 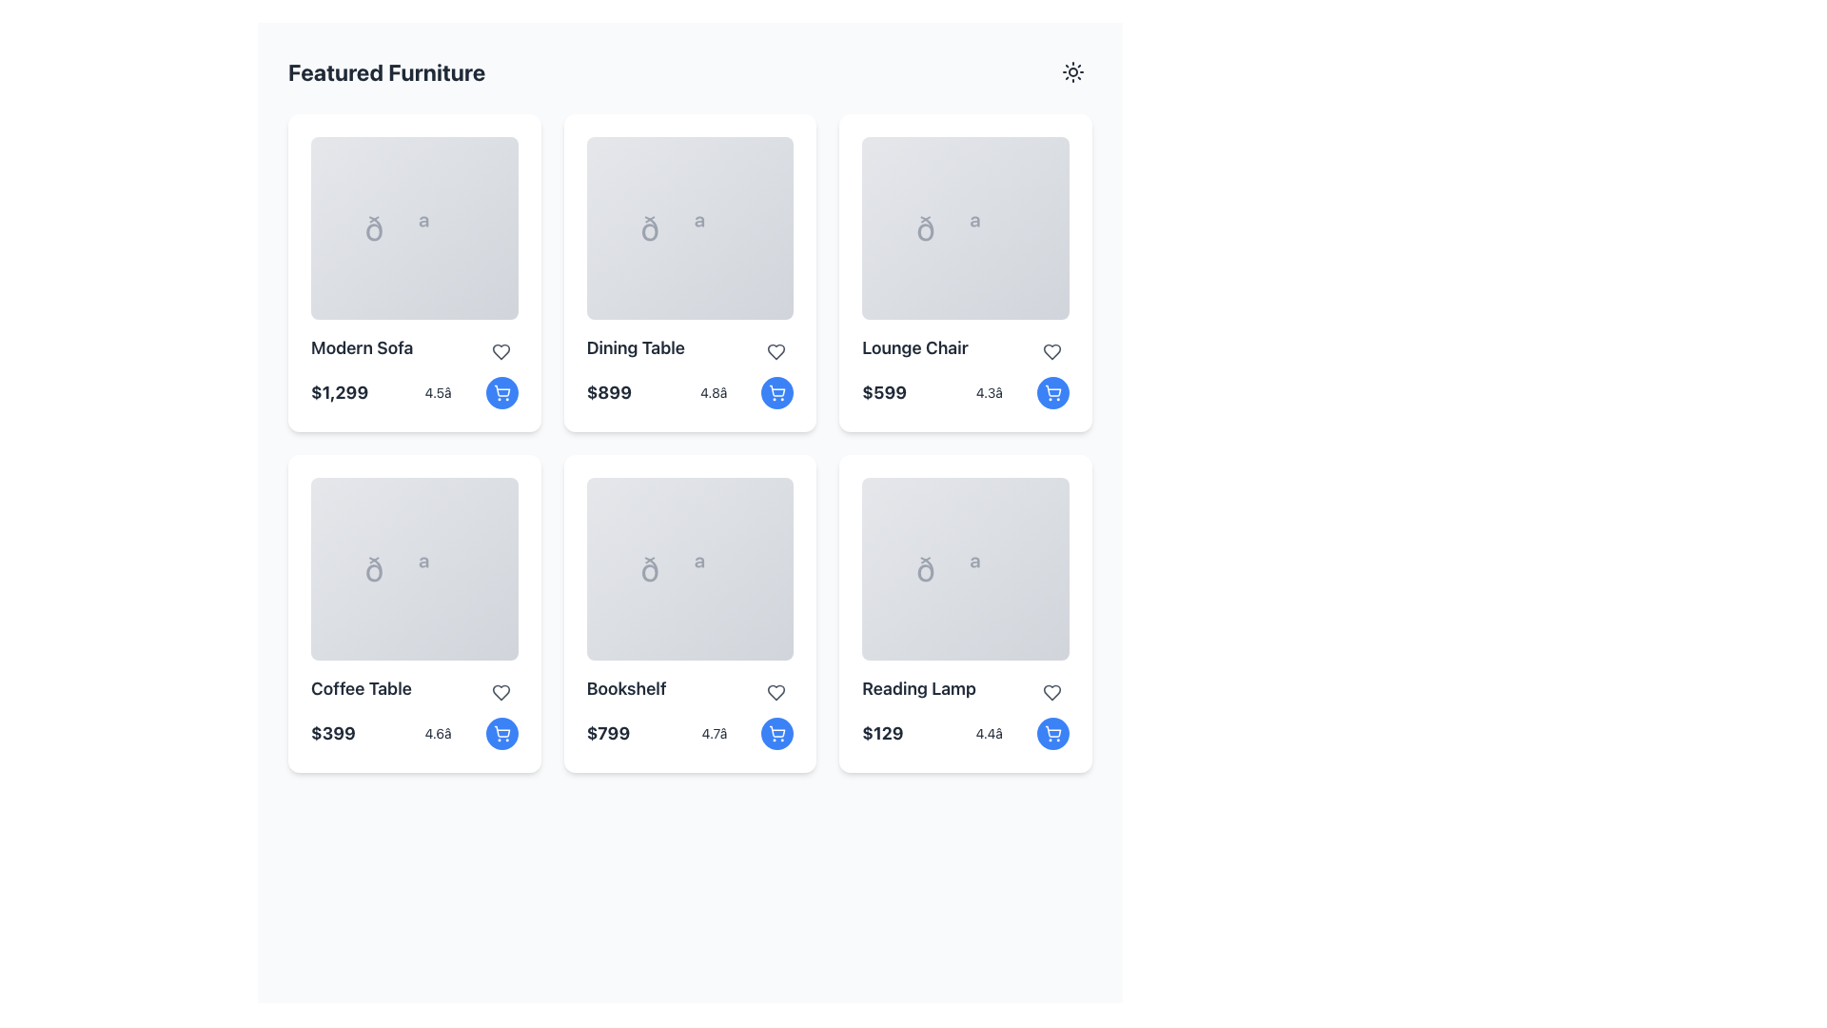 I want to click on the image placeholder icon with a gray emoji-like face located at the center of the 'Reading Lamp' product card in the bottom right section of the featured furniture grid layout, so click(x=966, y=567).